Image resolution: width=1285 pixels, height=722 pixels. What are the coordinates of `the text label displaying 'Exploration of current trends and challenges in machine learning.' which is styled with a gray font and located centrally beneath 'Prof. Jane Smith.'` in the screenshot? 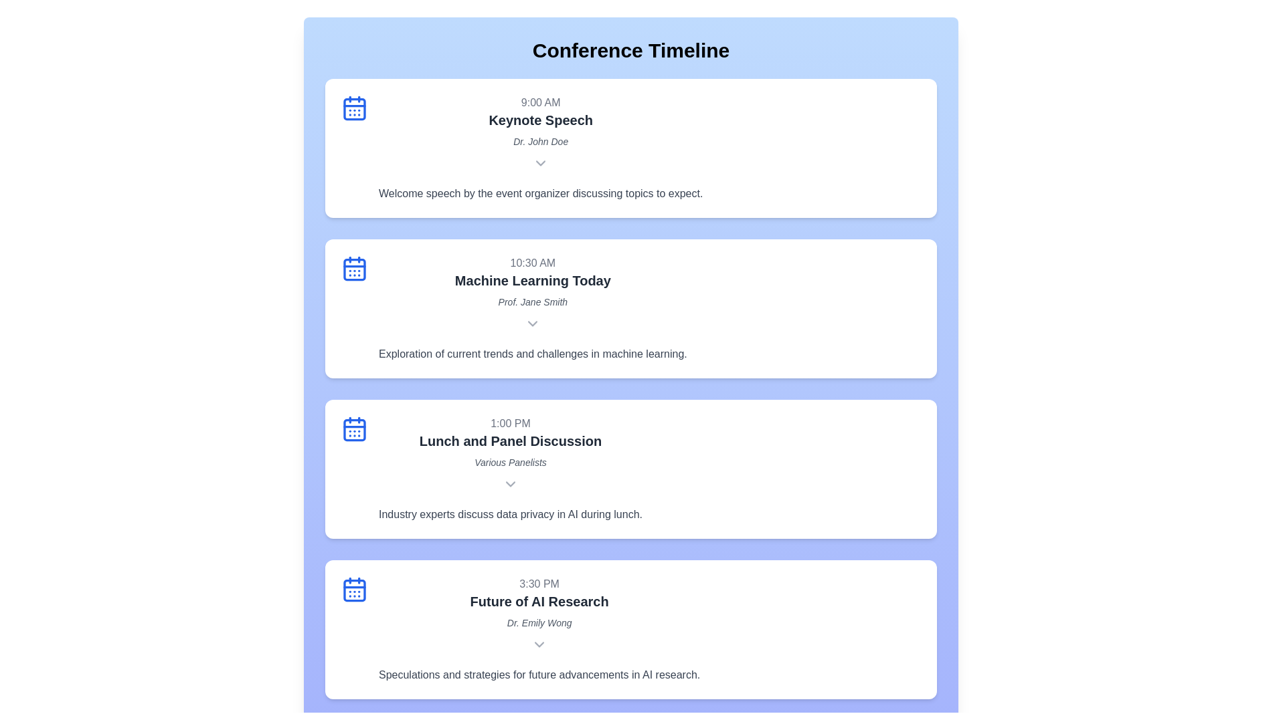 It's located at (532, 353).